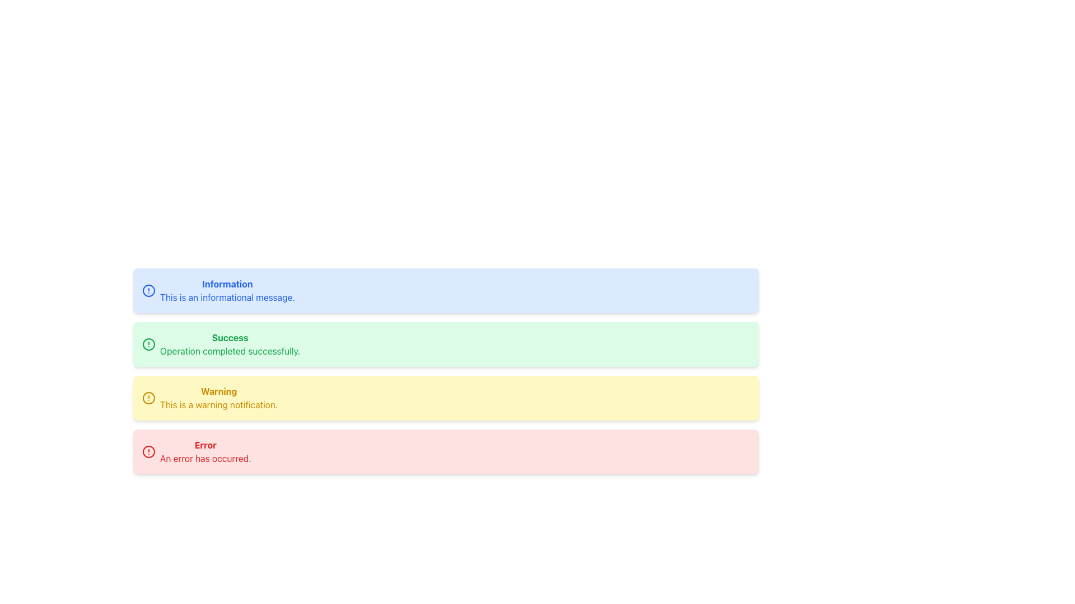 The image size is (1075, 604). Describe the element at coordinates (227, 297) in the screenshot. I see `the text label that says 'This is an informational message.' which is styled in blue and positioned below the bold 'Information' text within a distinct blue box` at that location.